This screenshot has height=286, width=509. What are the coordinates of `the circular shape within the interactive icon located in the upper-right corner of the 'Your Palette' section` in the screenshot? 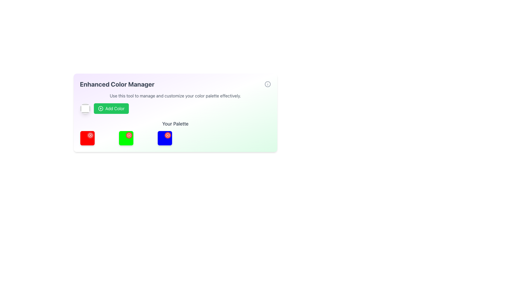 It's located at (168, 135).